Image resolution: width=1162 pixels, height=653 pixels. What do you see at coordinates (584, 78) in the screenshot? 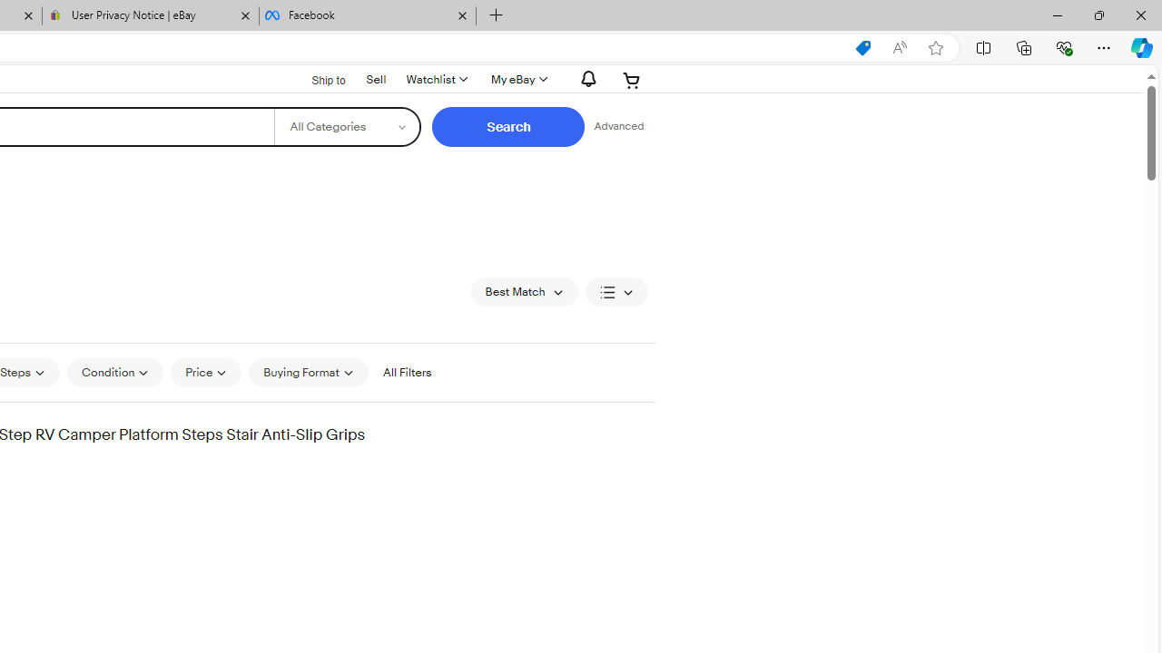
I see `'Notifications'` at bounding box center [584, 78].